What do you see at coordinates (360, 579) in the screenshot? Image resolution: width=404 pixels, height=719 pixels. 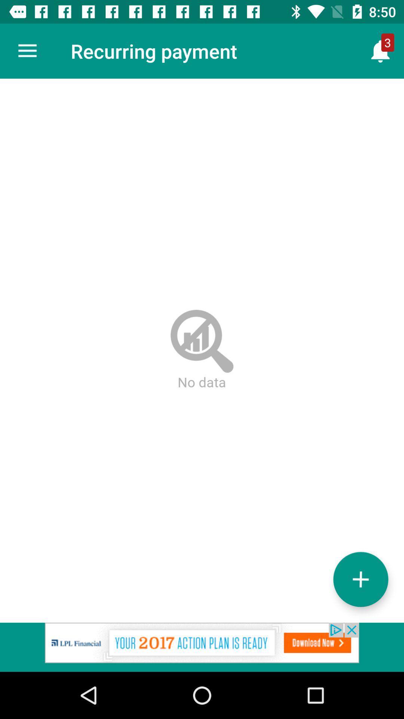 I see `the add icon` at bounding box center [360, 579].